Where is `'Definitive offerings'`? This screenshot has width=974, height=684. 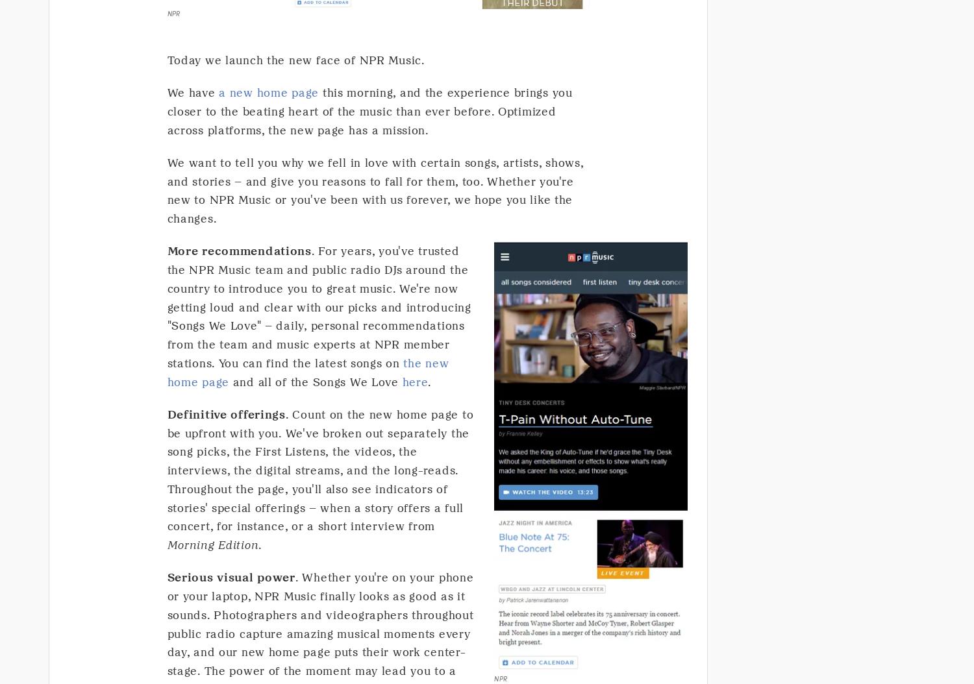 'Definitive offerings' is located at coordinates (225, 413).